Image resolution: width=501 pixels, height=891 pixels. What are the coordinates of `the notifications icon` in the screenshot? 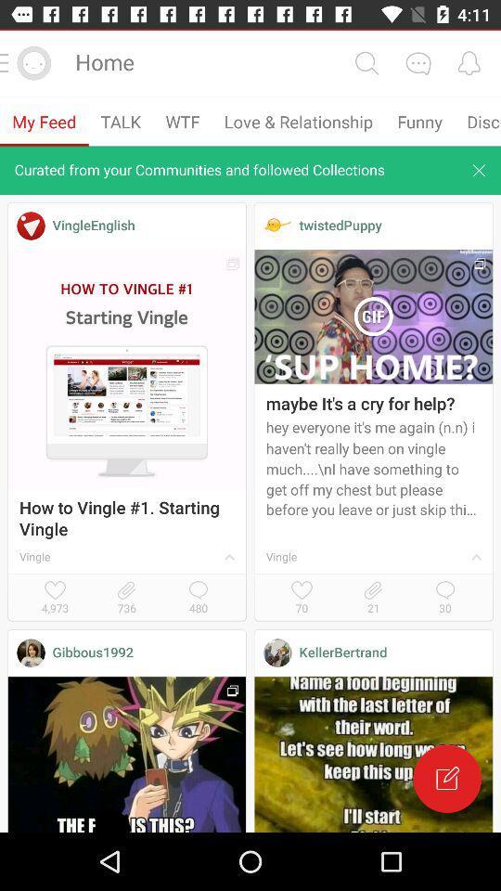 It's located at (468, 63).